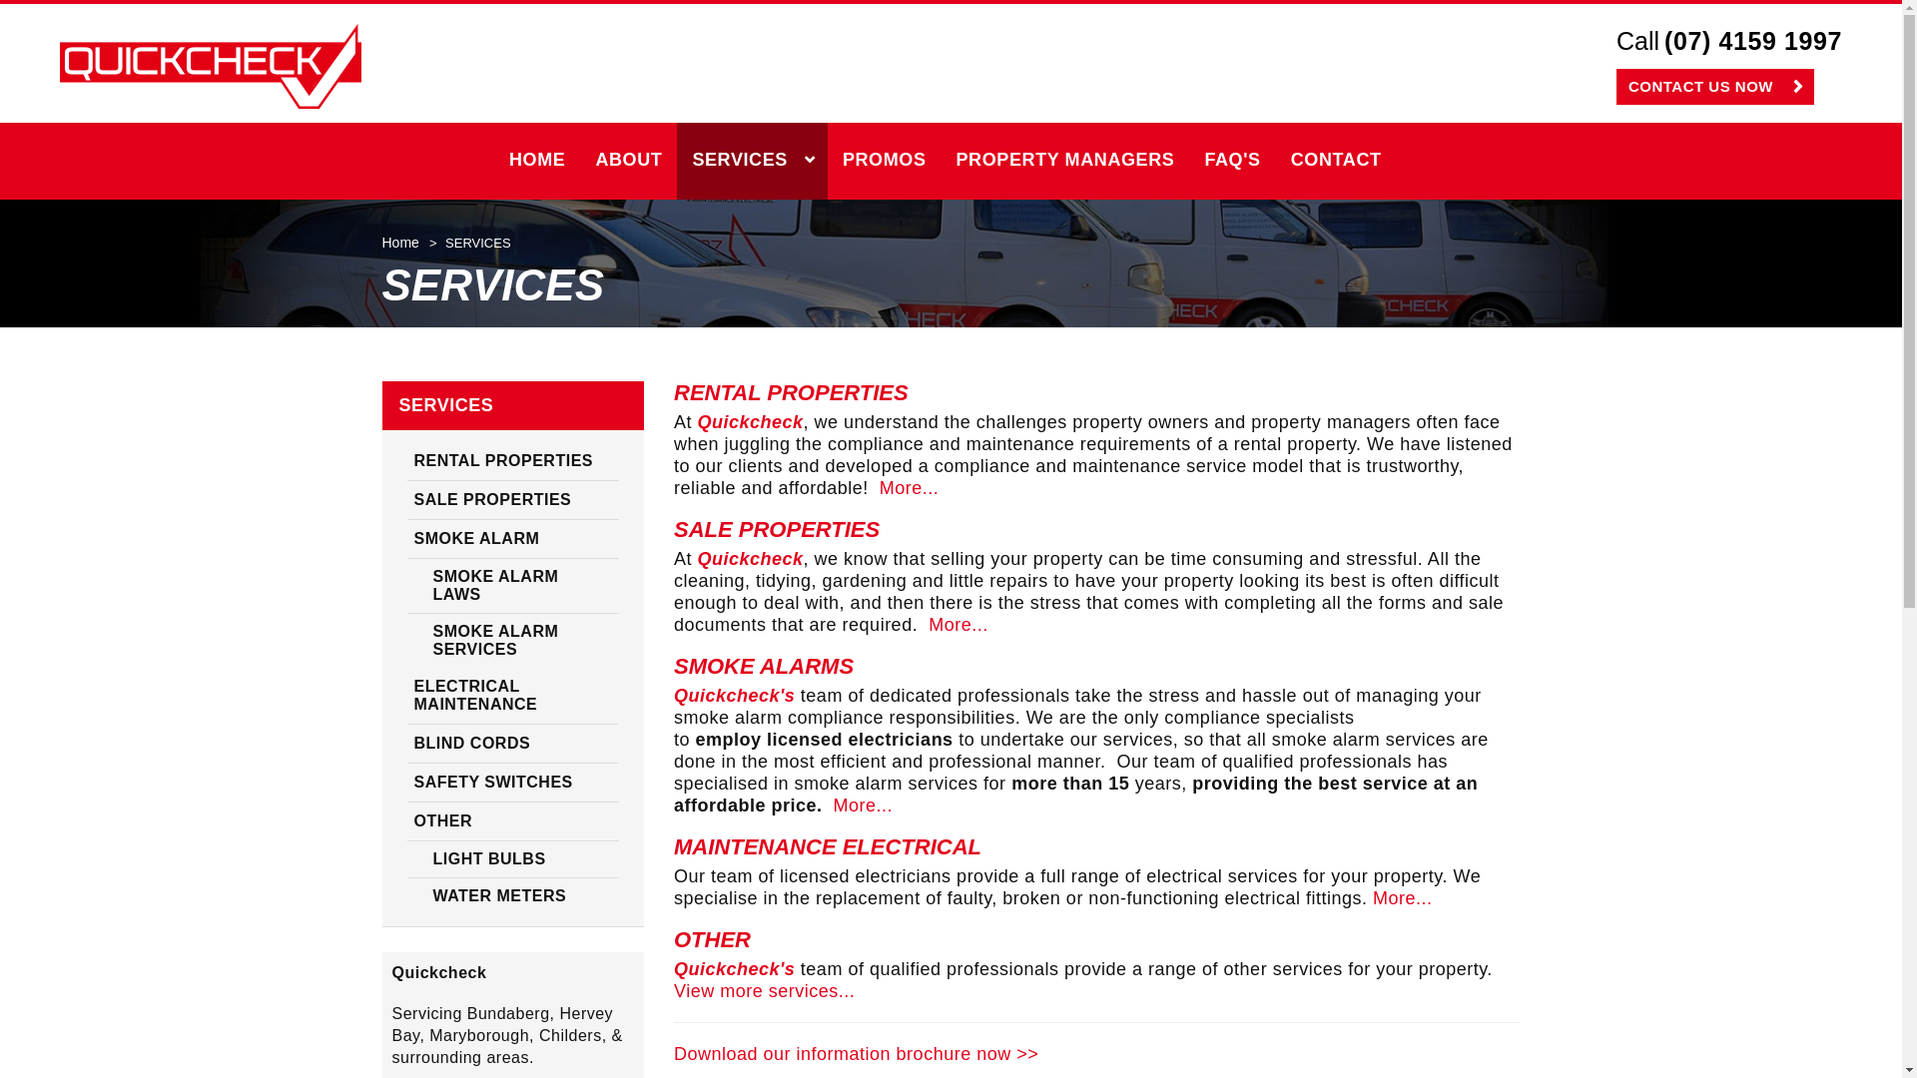 This screenshot has height=1078, width=1917. What do you see at coordinates (381, 242) in the screenshot?
I see `'Home'` at bounding box center [381, 242].